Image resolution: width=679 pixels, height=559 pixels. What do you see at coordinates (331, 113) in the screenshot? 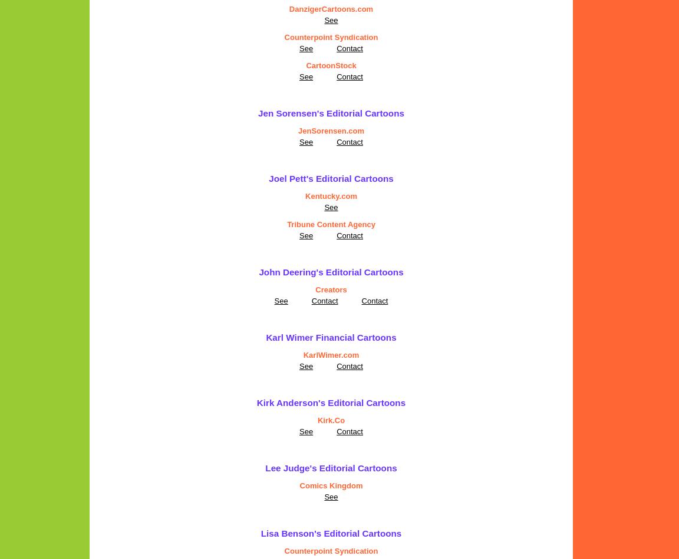
I see `'Jen Sorensen's Editorial Cartoons'` at bounding box center [331, 113].